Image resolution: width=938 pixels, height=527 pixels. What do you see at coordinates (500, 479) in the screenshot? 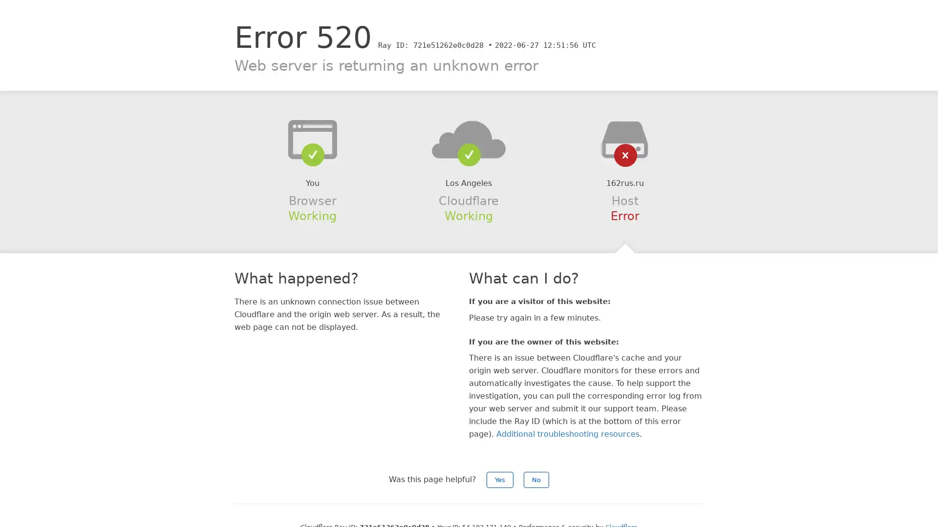
I see `Yes` at bounding box center [500, 479].